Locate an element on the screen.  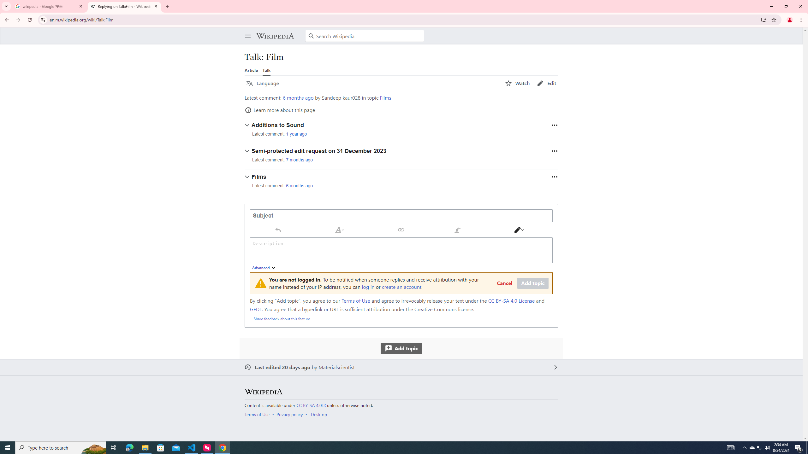
'Last edited 20 days ago by Materialscientist' is located at coordinates (401, 367).